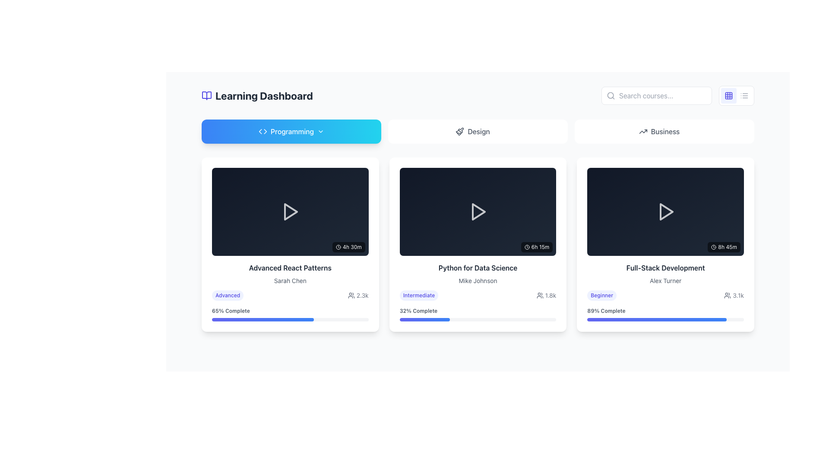  I want to click on the estimated duration of the video or course represented by the Compact information display within the 'Python for Data Science' card, so click(536, 247).